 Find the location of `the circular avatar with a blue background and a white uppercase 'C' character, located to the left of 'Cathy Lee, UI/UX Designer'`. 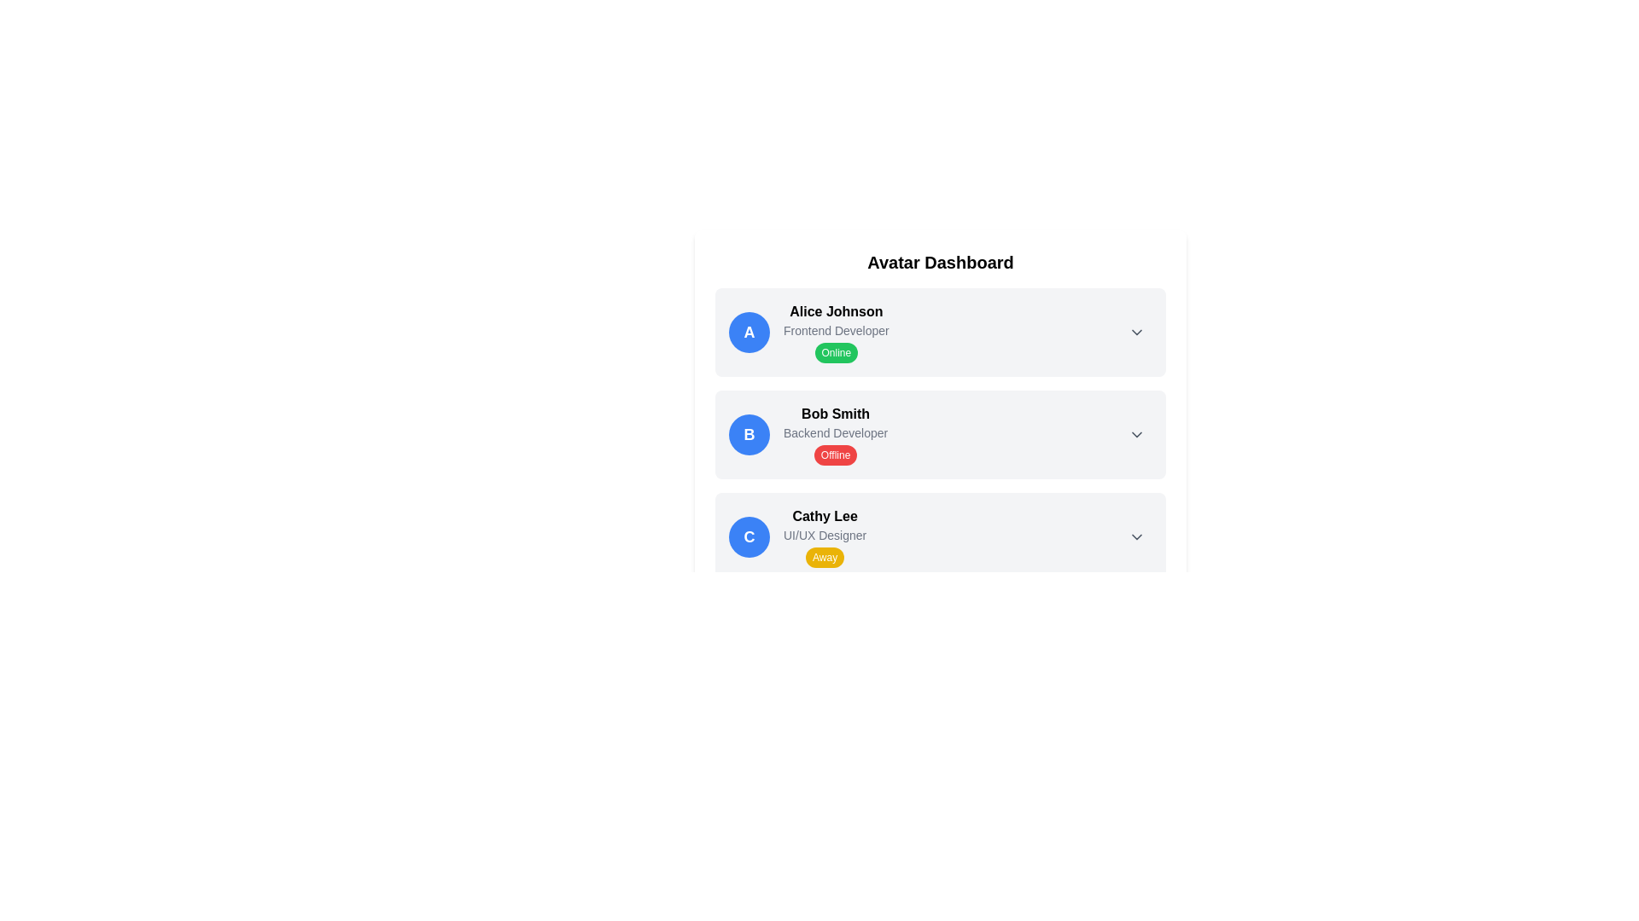

the circular avatar with a blue background and a white uppercase 'C' character, located to the left of 'Cathy Lee, UI/UX Designer' is located at coordinates (750, 536).